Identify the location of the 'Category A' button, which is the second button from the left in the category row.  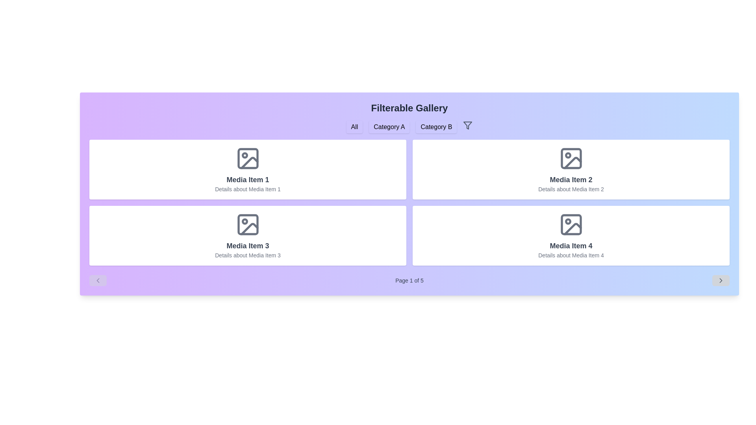
(389, 127).